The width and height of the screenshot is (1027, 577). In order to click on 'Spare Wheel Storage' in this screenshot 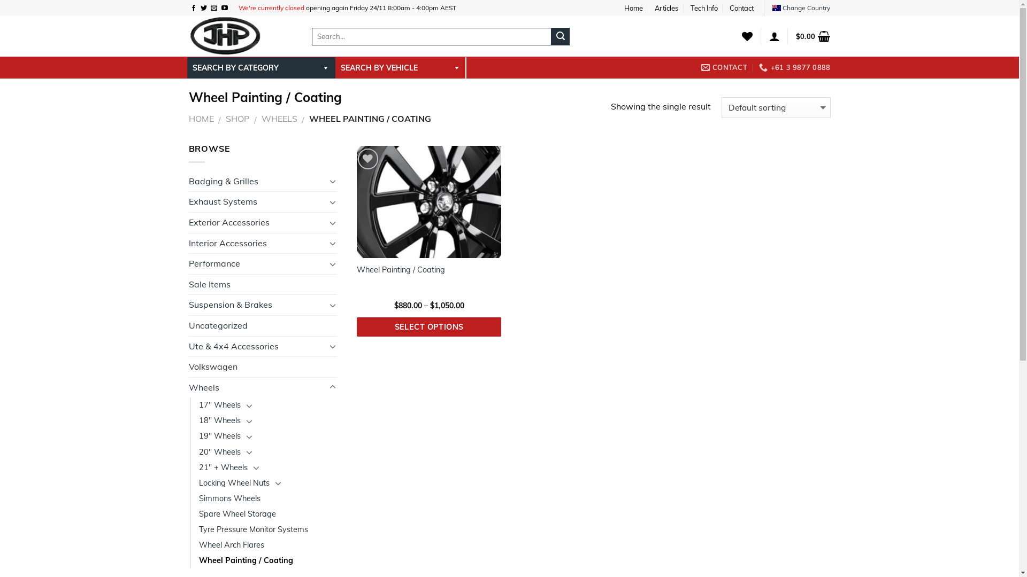, I will do `click(237, 513)`.